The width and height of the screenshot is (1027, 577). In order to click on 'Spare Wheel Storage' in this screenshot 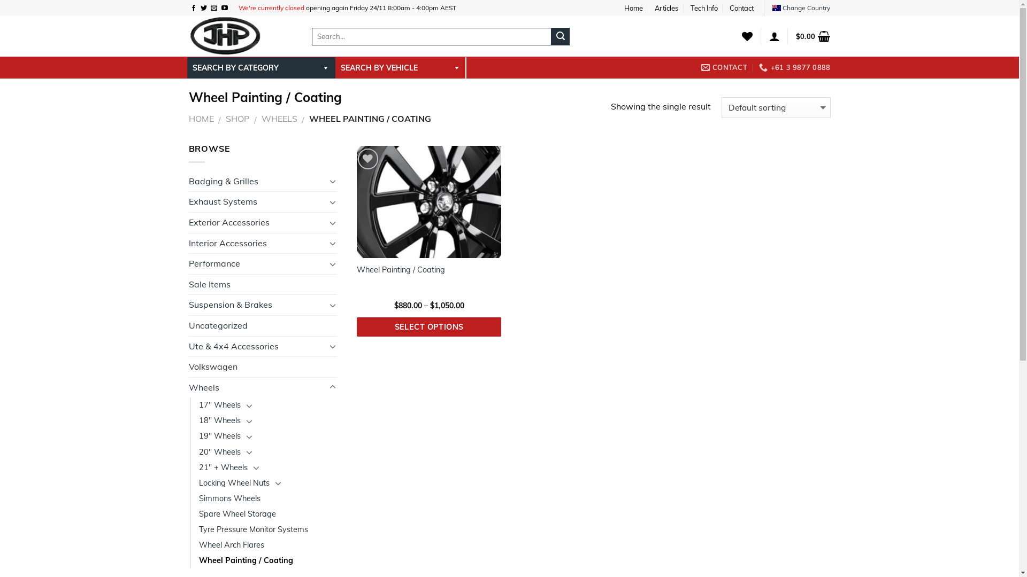, I will do `click(237, 513)`.